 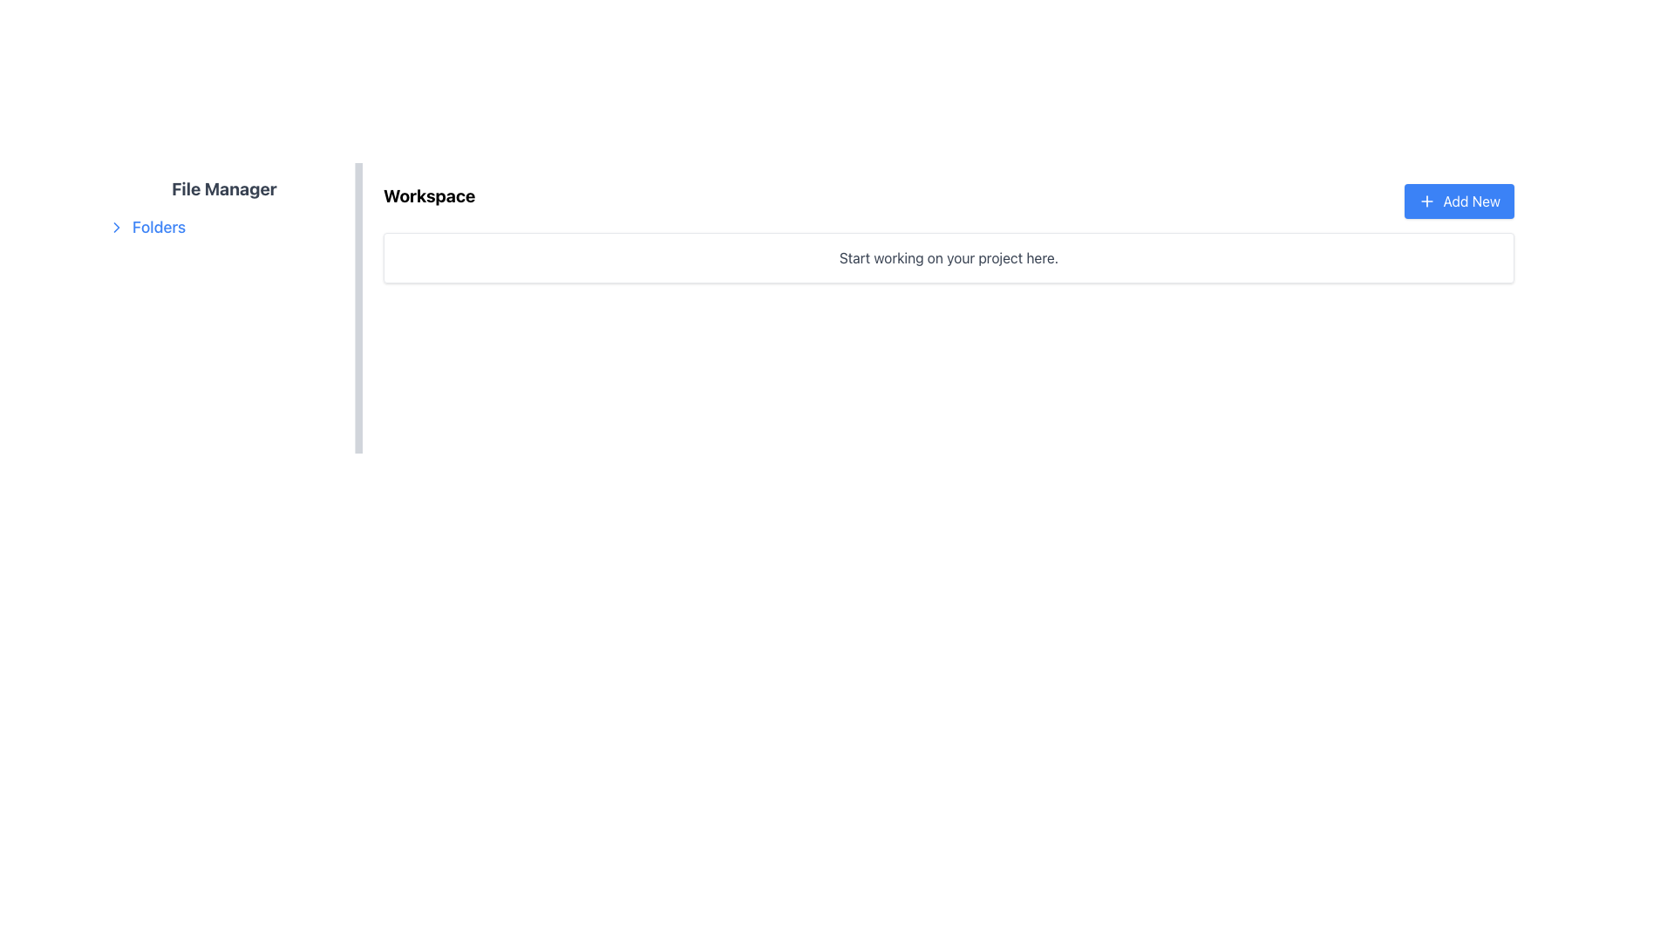 What do you see at coordinates (948, 258) in the screenshot?
I see `text displayed in the rectangular text block with rounded corners that contains the message 'Start working on your project here.'` at bounding box center [948, 258].